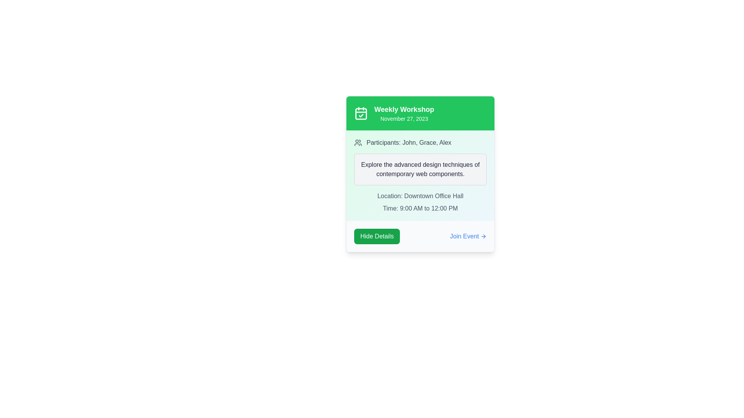 Image resolution: width=744 pixels, height=418 pixels. Describe the element at coordinates (420, 202) in the screenshot. I see `text content of the Text block located at the bottom section of the card interface, which mentions a location and a time range, styled in gray sans-serif font` at that location.